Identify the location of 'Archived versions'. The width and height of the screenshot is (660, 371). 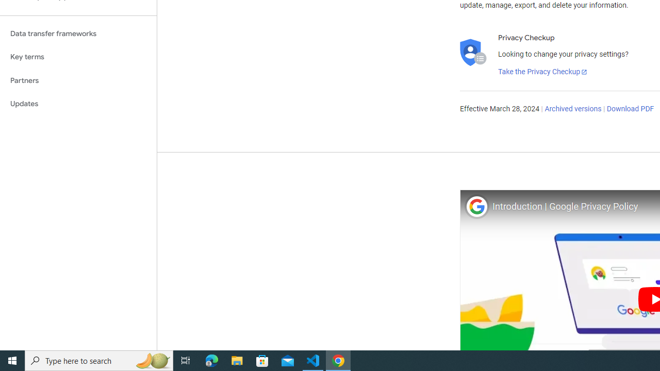
(572, 109).